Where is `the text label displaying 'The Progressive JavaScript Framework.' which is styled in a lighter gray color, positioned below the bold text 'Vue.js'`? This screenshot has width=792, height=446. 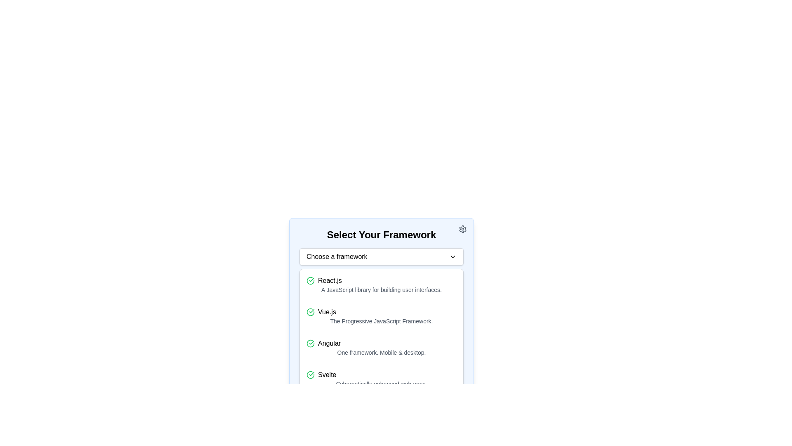
the text label displaying 'The Progressive JavaScript Framework.' which is styled in a lighter gray color, positioned below the bold text 'Vue.js' is located at coordinates (381, 321).